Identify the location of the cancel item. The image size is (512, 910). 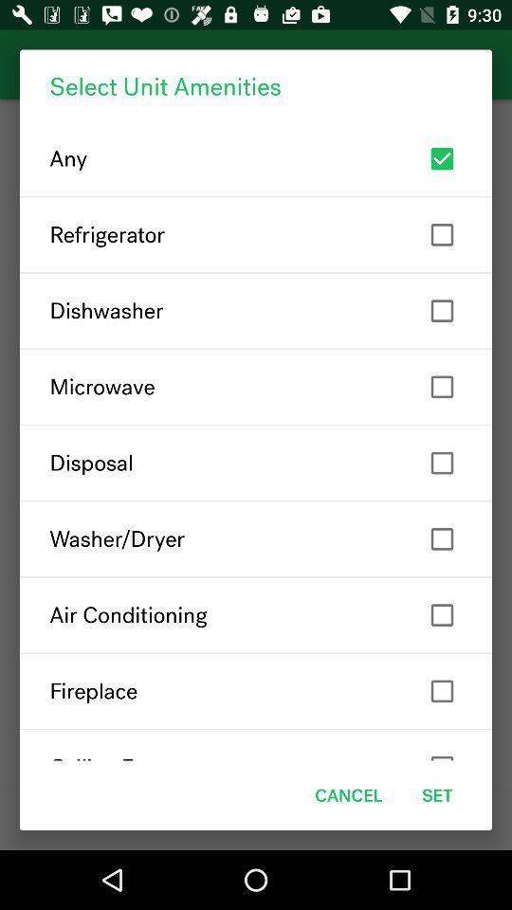
(347, 795).